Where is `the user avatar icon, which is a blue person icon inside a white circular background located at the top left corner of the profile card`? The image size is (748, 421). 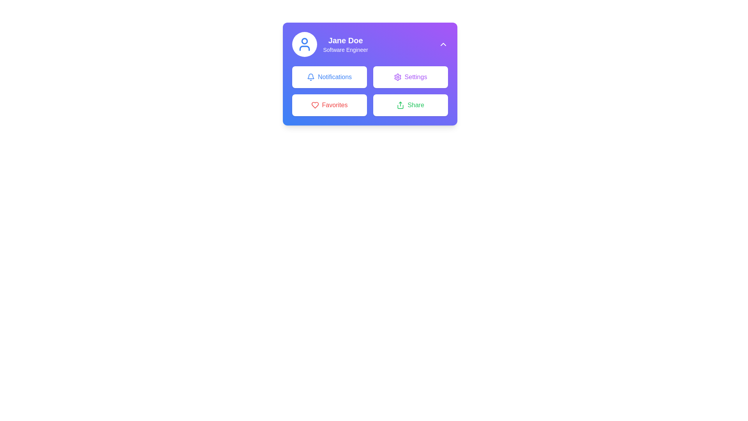
the user avatar icon, which is a blue person icon inside a white circular background located at the top left corner of the profile card is located at coordinates (304, 44).